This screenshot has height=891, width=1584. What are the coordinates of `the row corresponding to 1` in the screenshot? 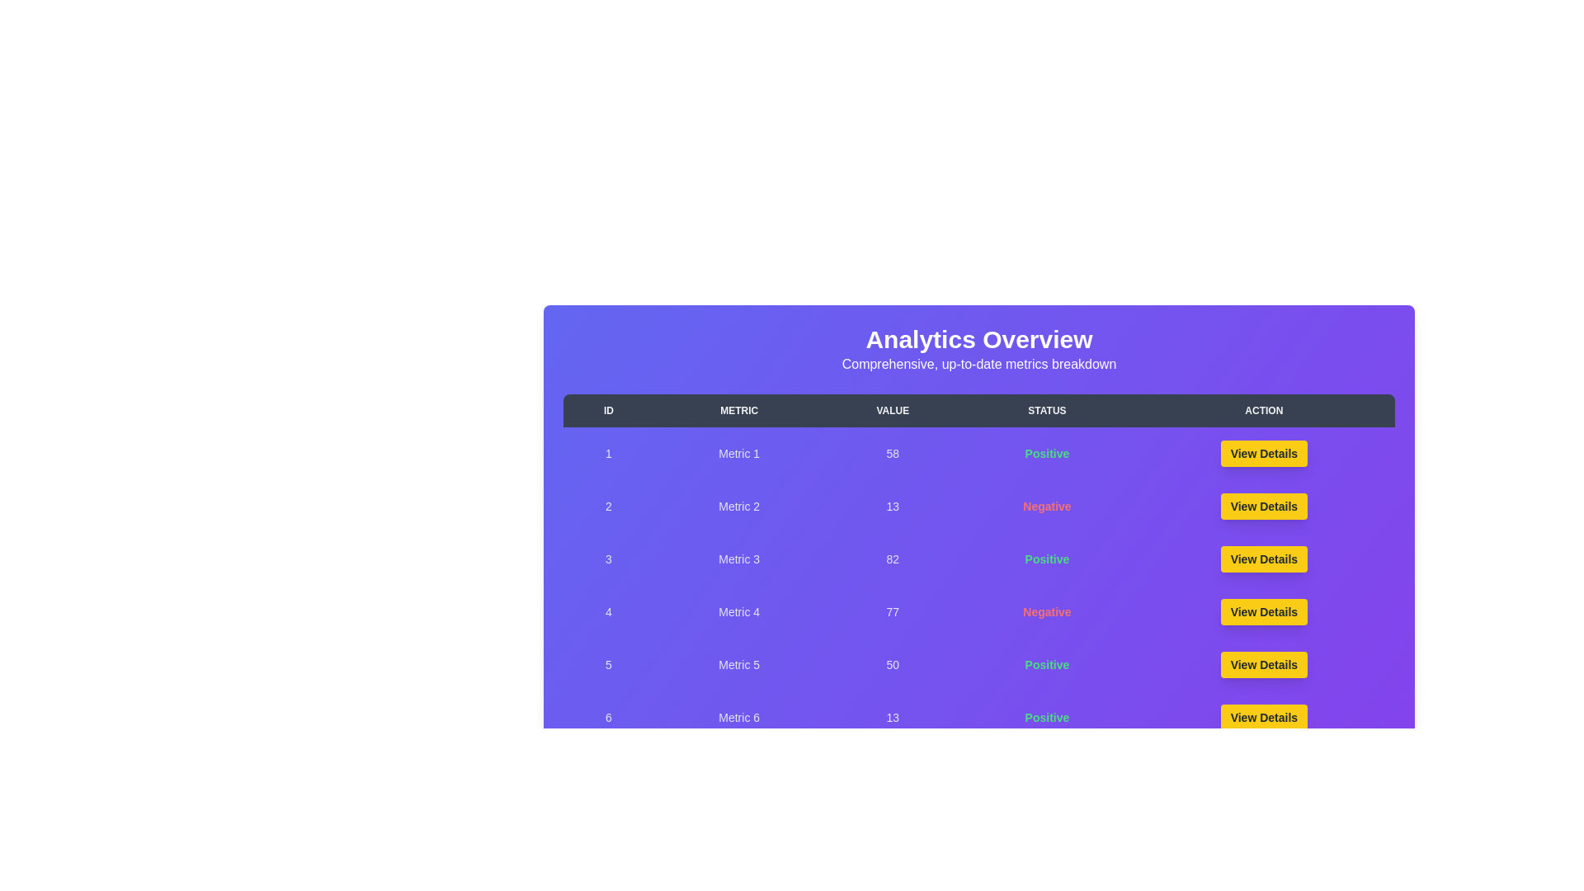 It's located at (978, 454).